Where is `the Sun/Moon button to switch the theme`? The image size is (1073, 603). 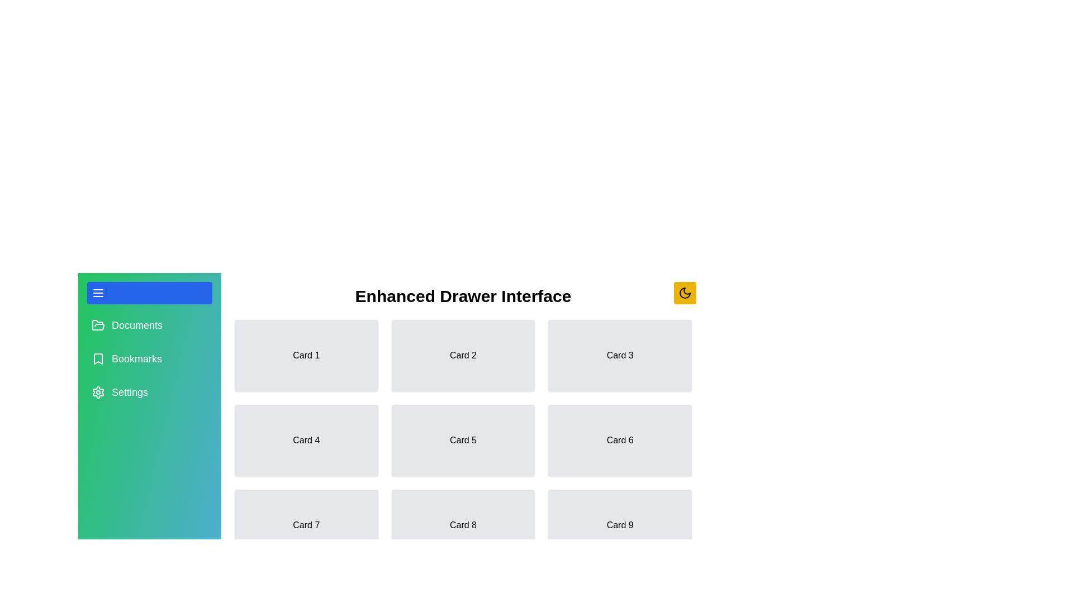 the Sun/Moon button to switch the theme is located at coordinates (684, 292).